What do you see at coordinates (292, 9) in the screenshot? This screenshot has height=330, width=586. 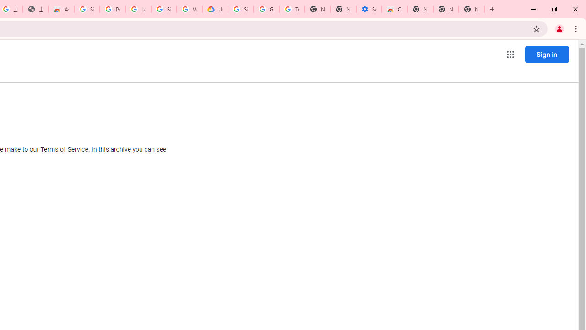 I see `'Turn cookies on or off - Computer - Google Account Help'` at bounding box center [292, 9].